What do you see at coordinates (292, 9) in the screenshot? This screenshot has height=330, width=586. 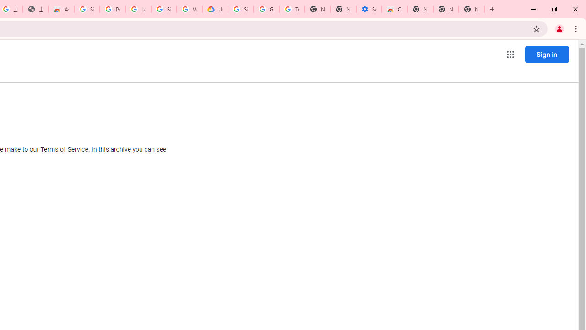 I see `'Turn cookies on or off - Computer - Google Account Help'` at bounding box center [292, 9].